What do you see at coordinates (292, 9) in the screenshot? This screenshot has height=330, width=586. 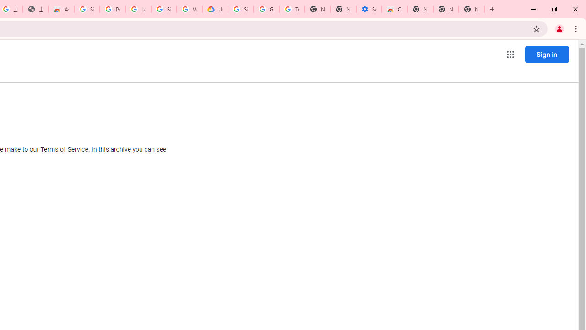 I see `'Turn cookies on or off - Computer - Google Account Help'` at bounding box center [292, 9].